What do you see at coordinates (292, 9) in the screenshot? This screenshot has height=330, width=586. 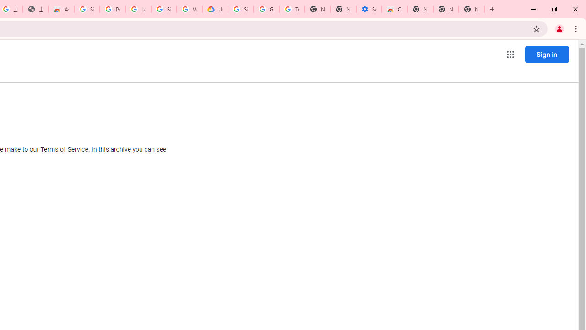 I see `'Turn cookies on or off - Computer - Google Account Help'` at bounding box center [292, 9].